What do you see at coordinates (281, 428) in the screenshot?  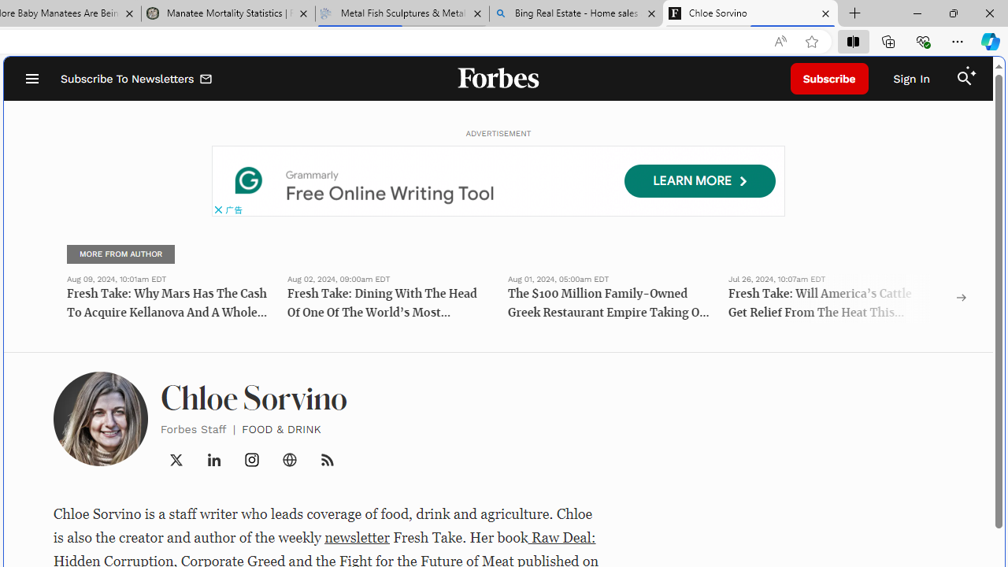 I see `'FOOD & DRINK'` at bounding box center [281, 428].